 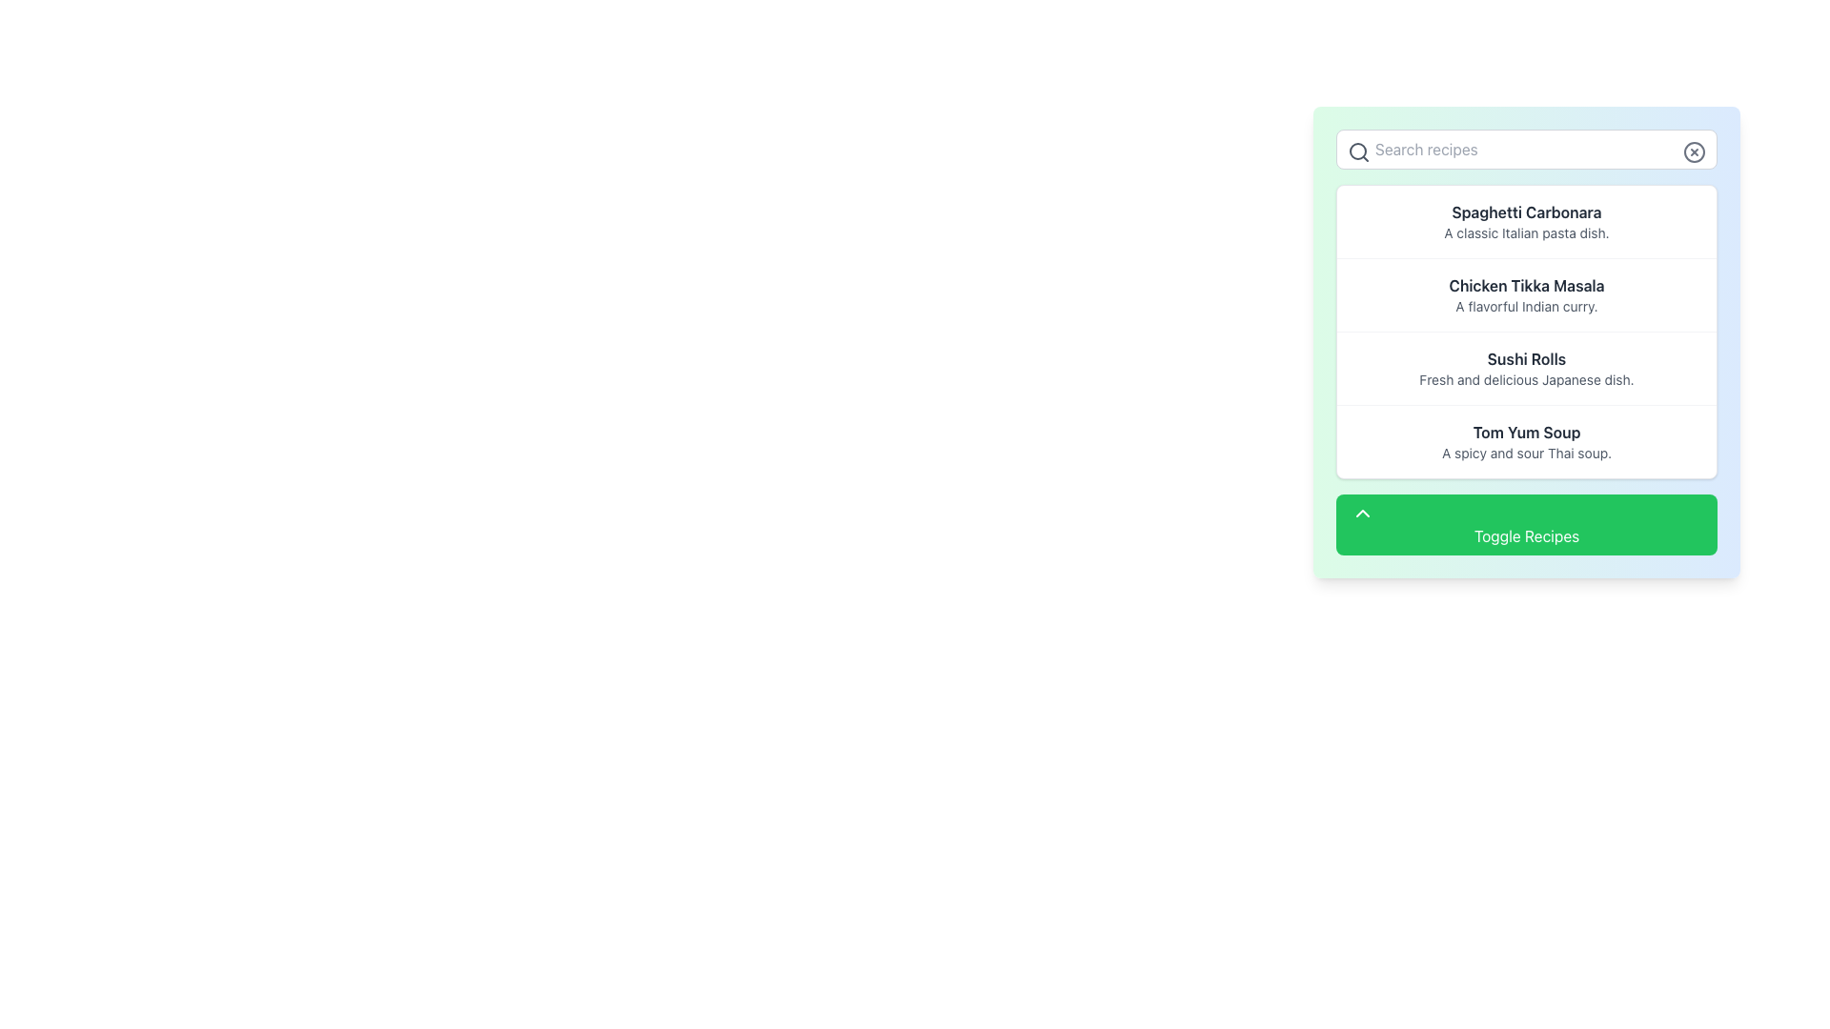 What do you see at coordinates (1694, 151) in the screenshot?
I see `the small circular close button represented by an 'X' inside a gray circle at the top-right corner of the search bar to clear the search input` at bounding box center [1694, 151].